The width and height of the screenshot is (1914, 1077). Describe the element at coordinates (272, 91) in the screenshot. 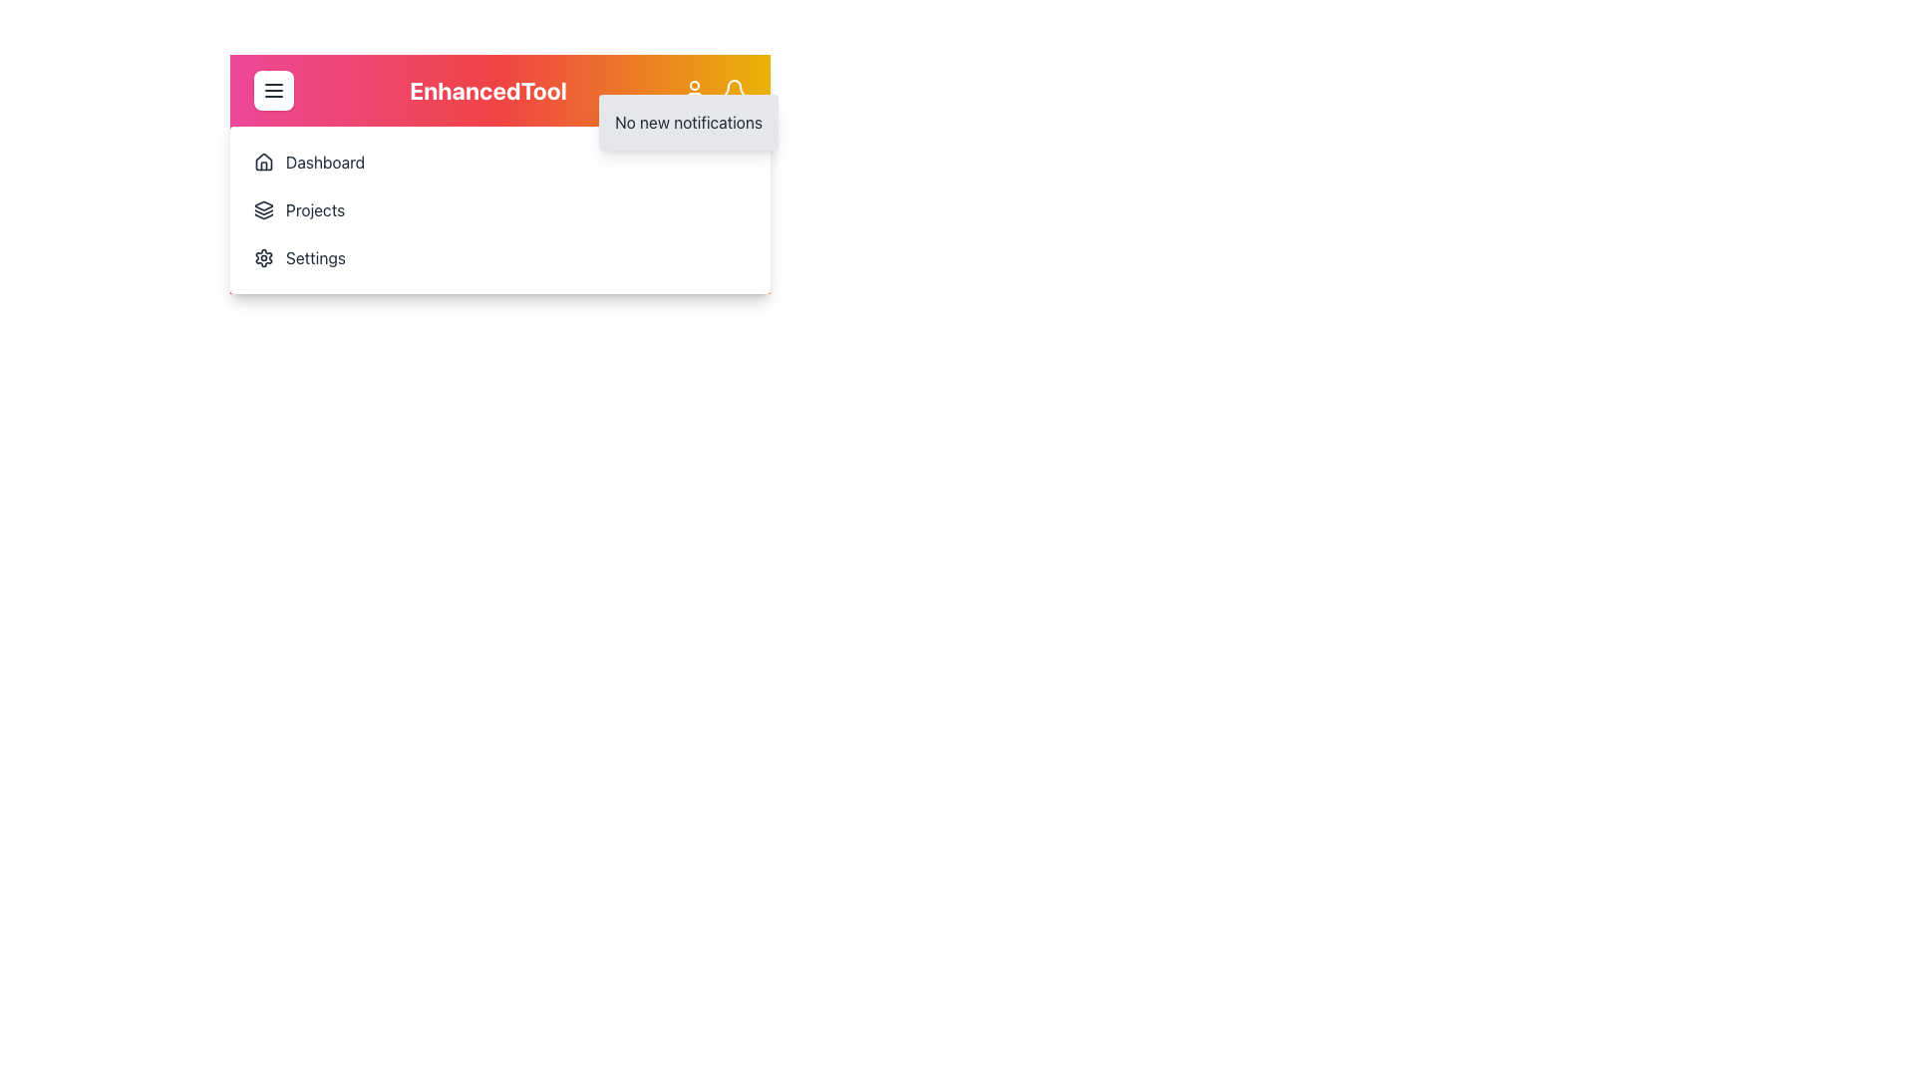

I see `the hamburger menu button, which is a three-line icon in a rounded rectangular button with a solid white background, located at the far left of the header section` at that location.